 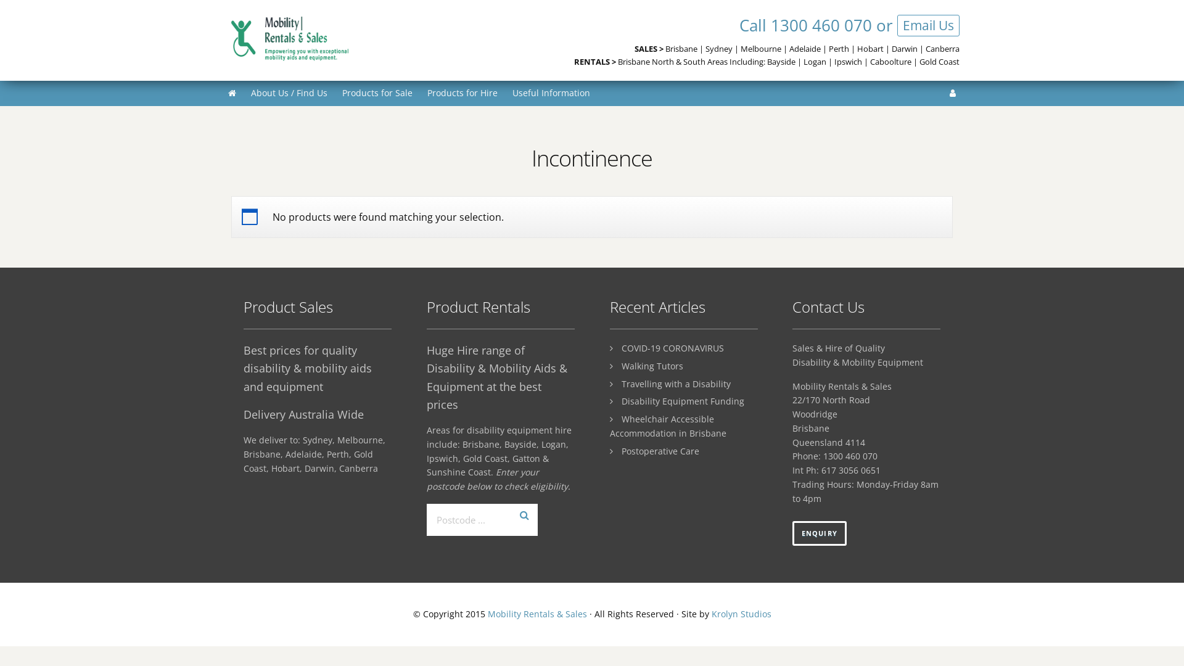 I want to click on 'MOBILITY RENTALS & SALES', so click(x=323, y=38).